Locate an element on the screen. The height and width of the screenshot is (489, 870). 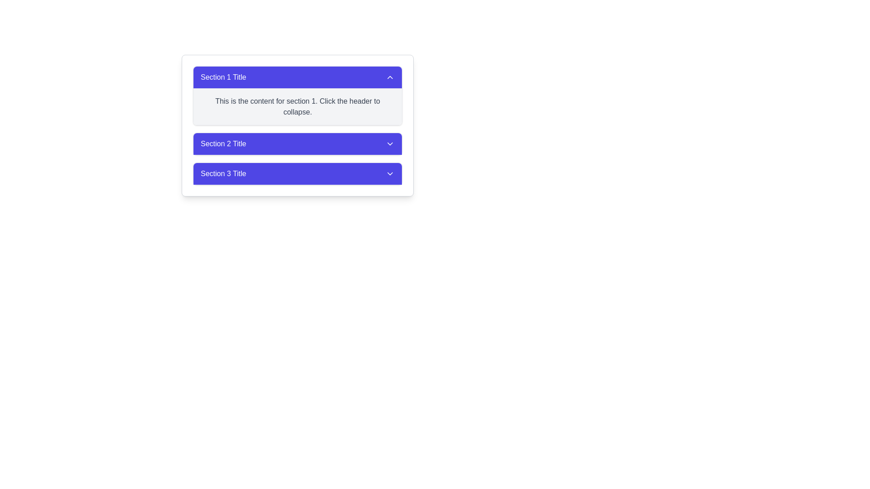
the downward-facing chevron icon located within the header labeled 'Section 2 Title' is located at coordinates (390, 143).